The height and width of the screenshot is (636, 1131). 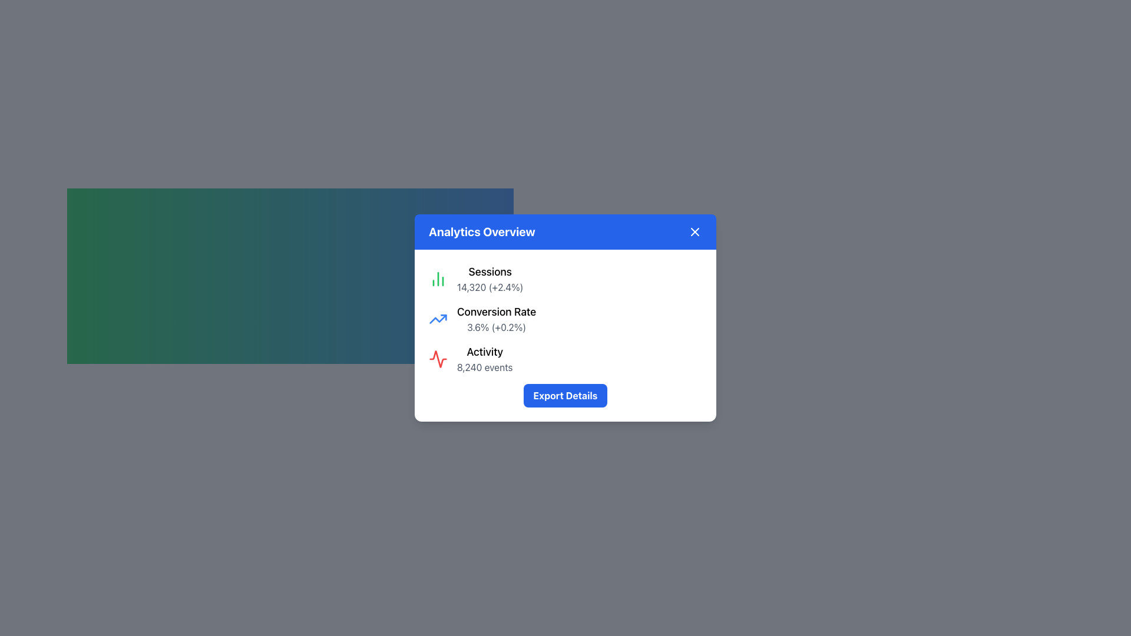 I want to click on the export button located at the bottom center of the white card beneath the analytics sections, so click(x=565, y=395).